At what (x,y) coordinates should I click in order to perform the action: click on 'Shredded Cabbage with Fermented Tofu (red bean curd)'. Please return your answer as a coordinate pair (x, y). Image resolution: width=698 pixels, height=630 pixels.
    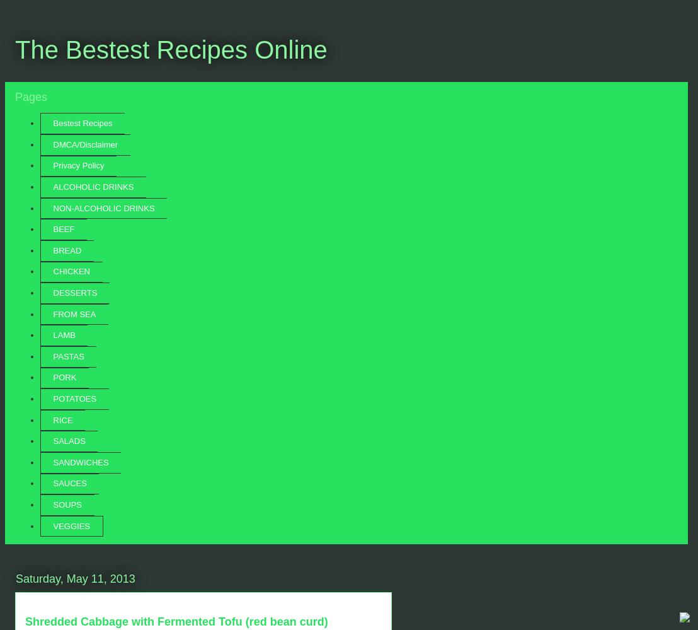
    Looking at the image, I should click on (176, 621).